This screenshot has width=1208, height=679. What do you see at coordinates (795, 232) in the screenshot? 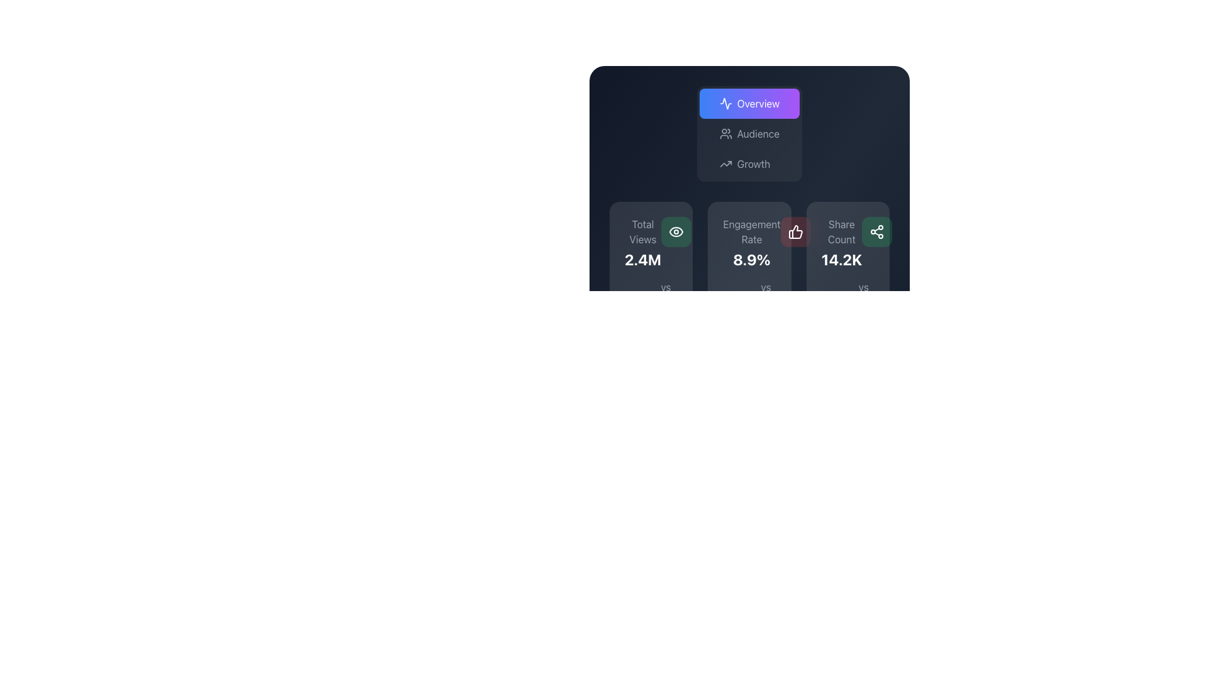
I see `the function or message of the thumbs-up icon located in the second column of the card-like statistics section, which is aligned centrally with the 'Engagement Rate' section` at bounding box center [795, 232].